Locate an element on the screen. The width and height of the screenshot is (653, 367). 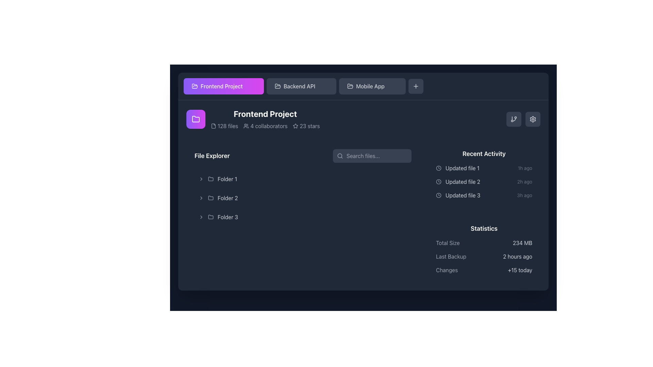
the text input field styled with a rounded rectangle containing a magnifying glass icon and placeholder text 'Search files...' to focus on it is located at coordinates (372, 156).